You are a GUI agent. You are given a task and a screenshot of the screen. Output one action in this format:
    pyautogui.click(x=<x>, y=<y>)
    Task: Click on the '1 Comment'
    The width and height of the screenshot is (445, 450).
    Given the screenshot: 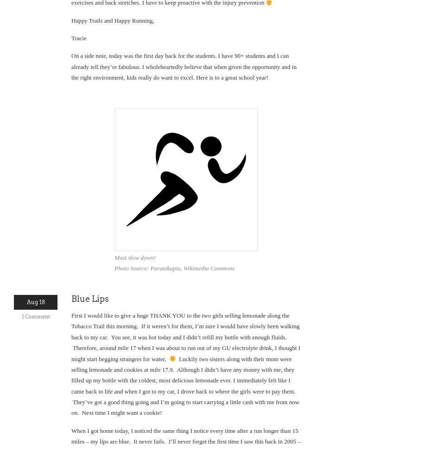 What is the action you would take?
    pyautogui.click(x=35, y=316)
    